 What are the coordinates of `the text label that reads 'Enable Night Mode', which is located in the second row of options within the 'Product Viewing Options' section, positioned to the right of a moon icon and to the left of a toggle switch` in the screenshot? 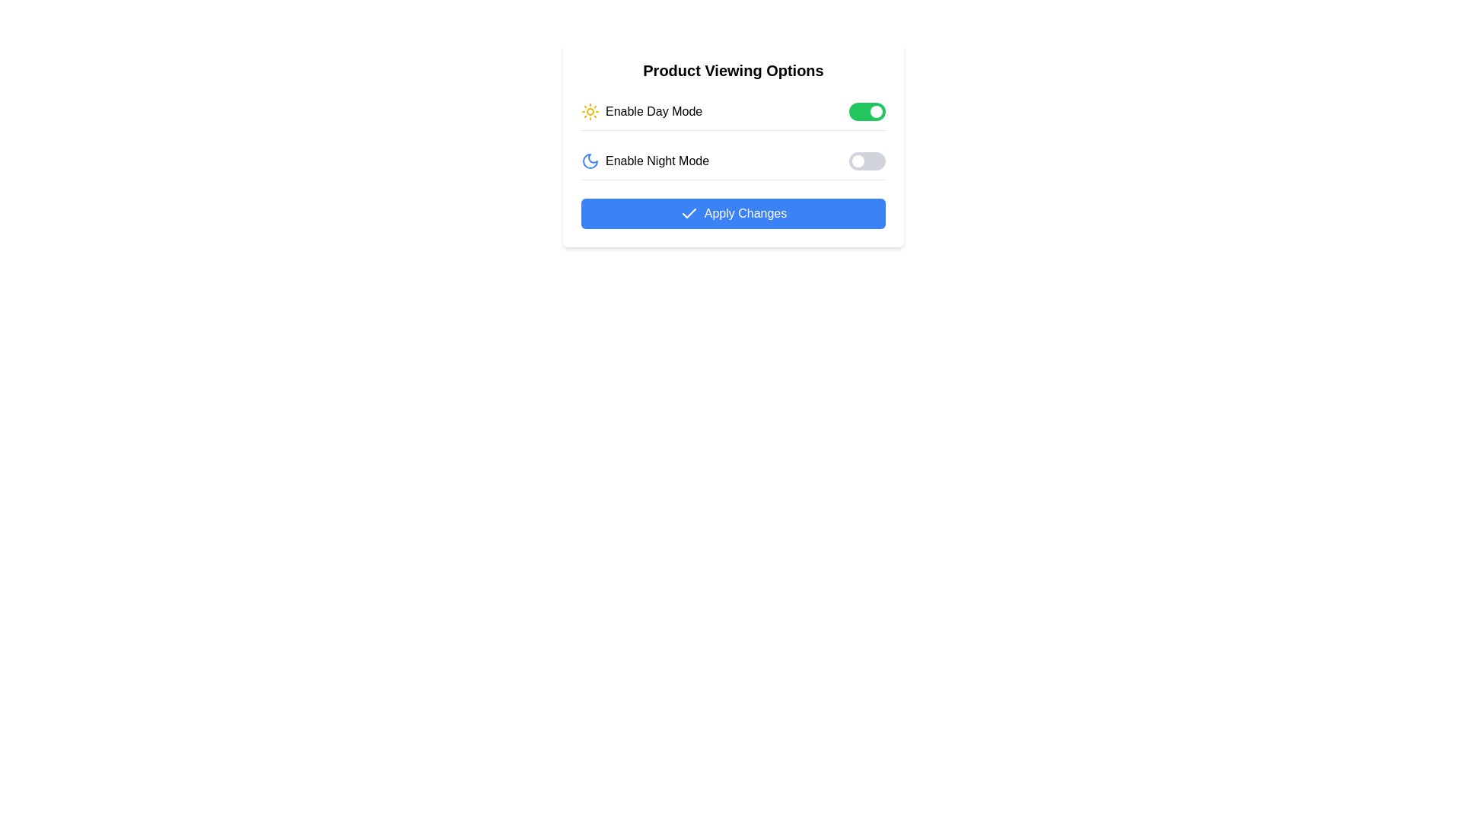 It's located at (657, 161).